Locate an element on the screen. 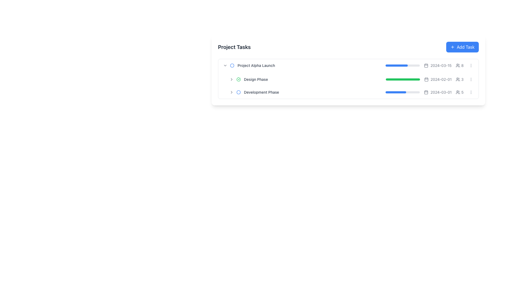  the informational text element that indicates the number of users associated with the task is located at coordinates (459, 65).